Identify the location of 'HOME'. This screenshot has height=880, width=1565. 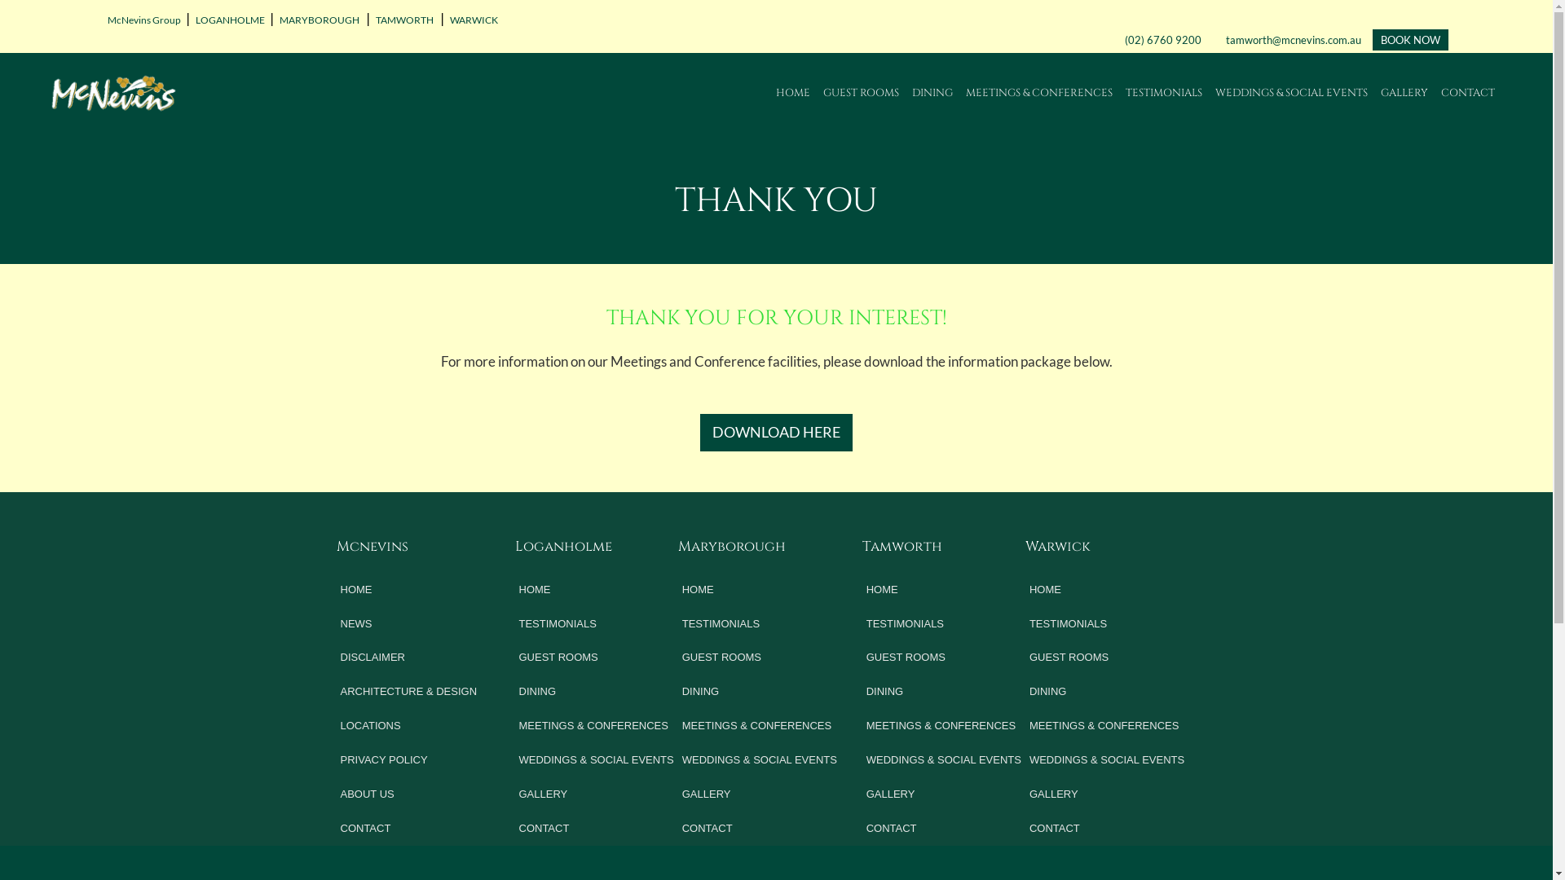
(774, 93).